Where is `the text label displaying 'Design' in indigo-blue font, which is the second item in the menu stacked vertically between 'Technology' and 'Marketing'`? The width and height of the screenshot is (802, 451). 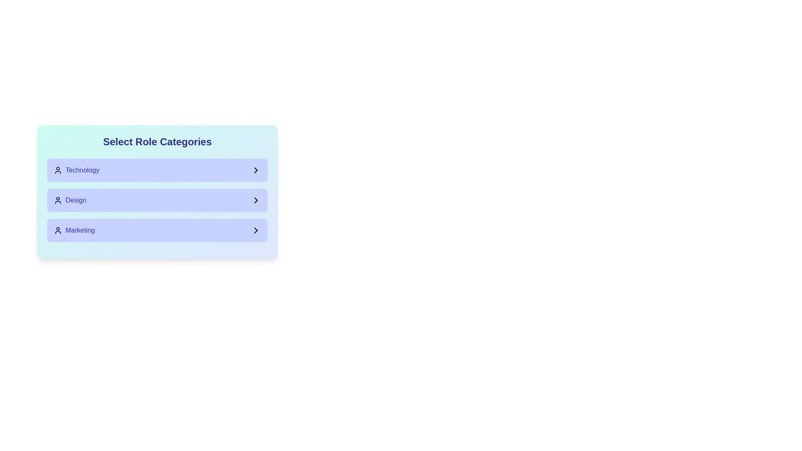 the text label displaying 'Design' in indigo-blue font, which is the second item in the menu stacked vertically between 'Technology' and 'Marketing' is located at coordinates (76, 200).